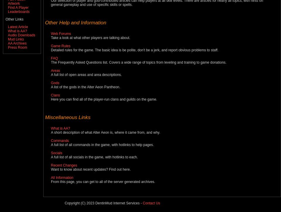 This screenshot has width=281, height=212. I want to click on 'Web Forums', so click(61, 33).